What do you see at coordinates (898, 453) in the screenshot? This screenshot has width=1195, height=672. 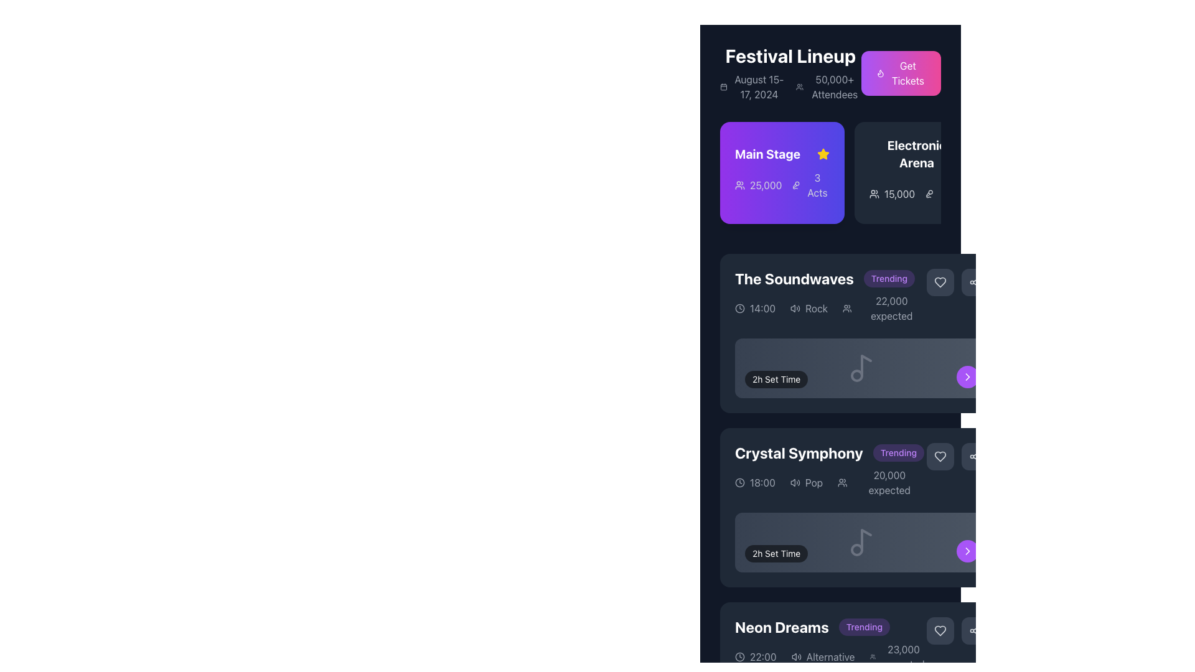 I see `the label indicating the trending event 'Crystal Symphony', located to the right of the title in the vertical list of items` at bounding box center [898, 453].